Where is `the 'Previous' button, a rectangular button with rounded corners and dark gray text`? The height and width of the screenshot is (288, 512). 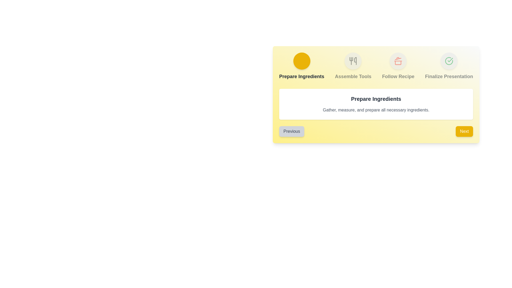 the 'Previous' button, a rectangular button with rounded corners and dark gray text is located at coordinates (291, 131).